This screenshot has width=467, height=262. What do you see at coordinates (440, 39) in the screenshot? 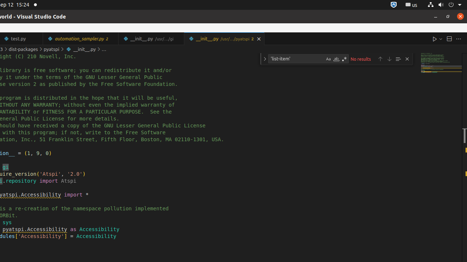
I see `'Run or Debug...'` at bounding box center [440, 39].